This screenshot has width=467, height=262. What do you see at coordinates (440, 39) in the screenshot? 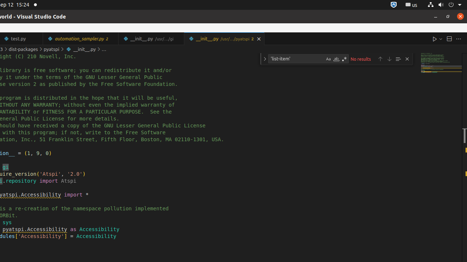
I see `'Run or Debug...'` at bounding box center [440, 39].